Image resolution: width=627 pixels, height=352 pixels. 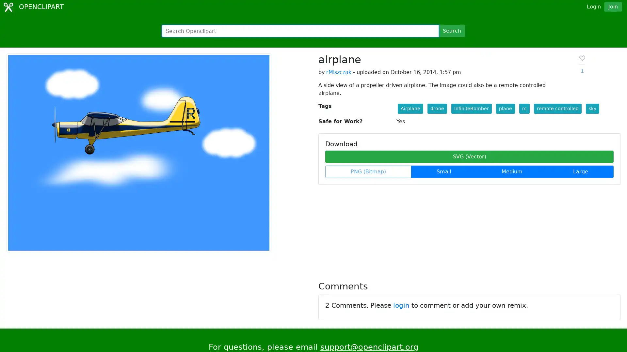 I want to click on Medium, so click(x=512, y=171).